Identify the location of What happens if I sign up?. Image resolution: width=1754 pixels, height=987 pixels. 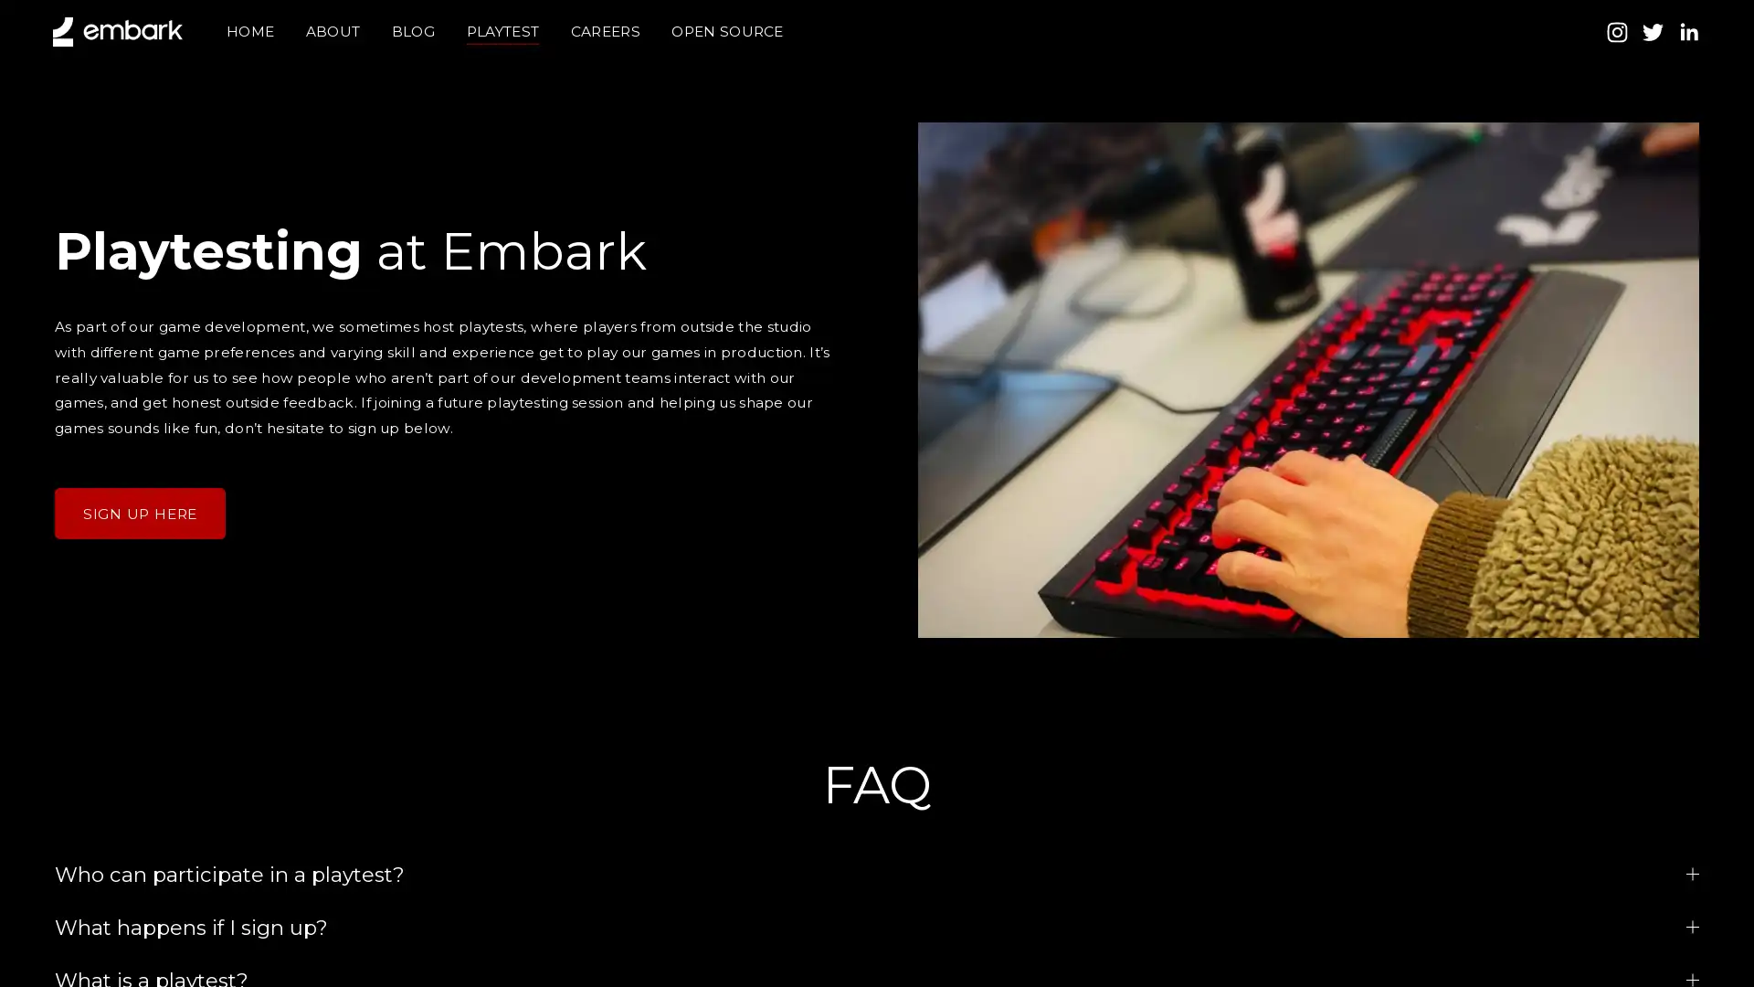
(877, 927).